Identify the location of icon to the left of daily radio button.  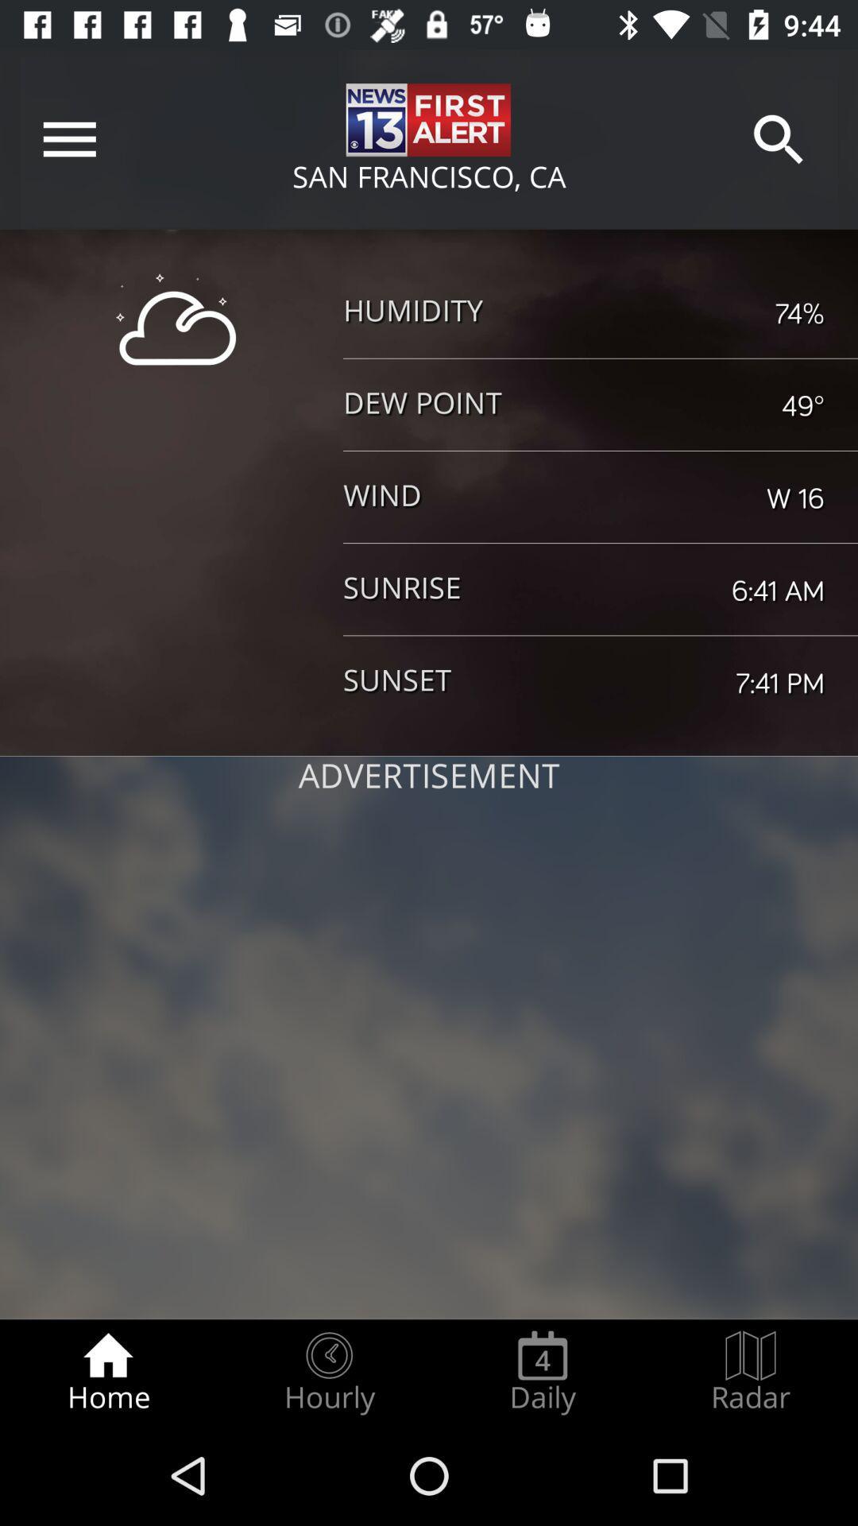
(328, 1372).